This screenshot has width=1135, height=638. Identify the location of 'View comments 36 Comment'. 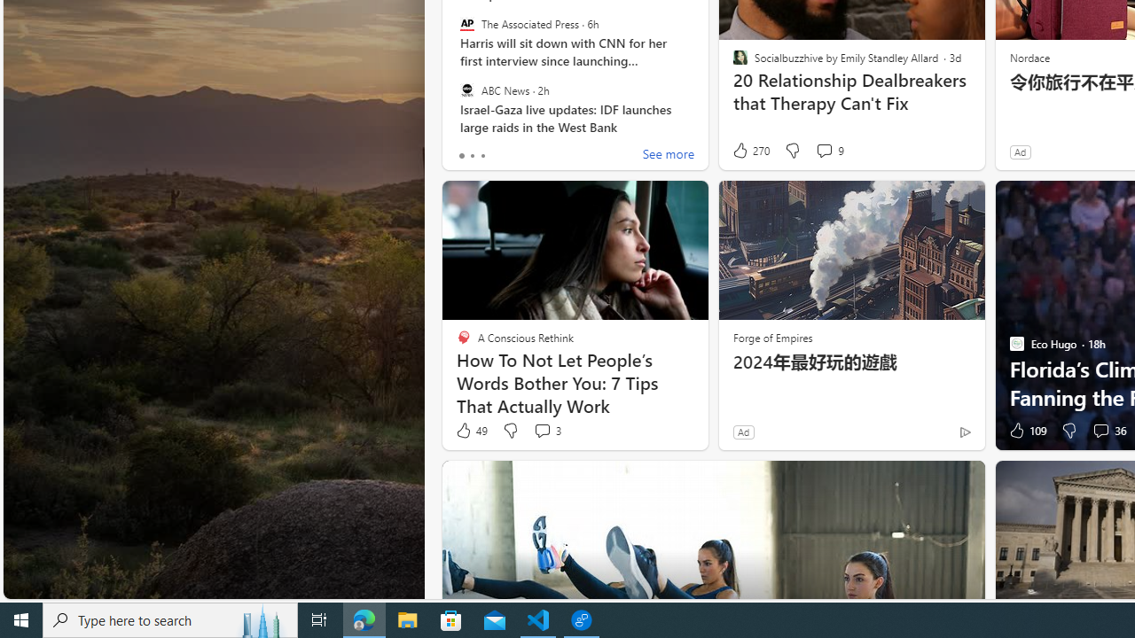
(1107, 431).